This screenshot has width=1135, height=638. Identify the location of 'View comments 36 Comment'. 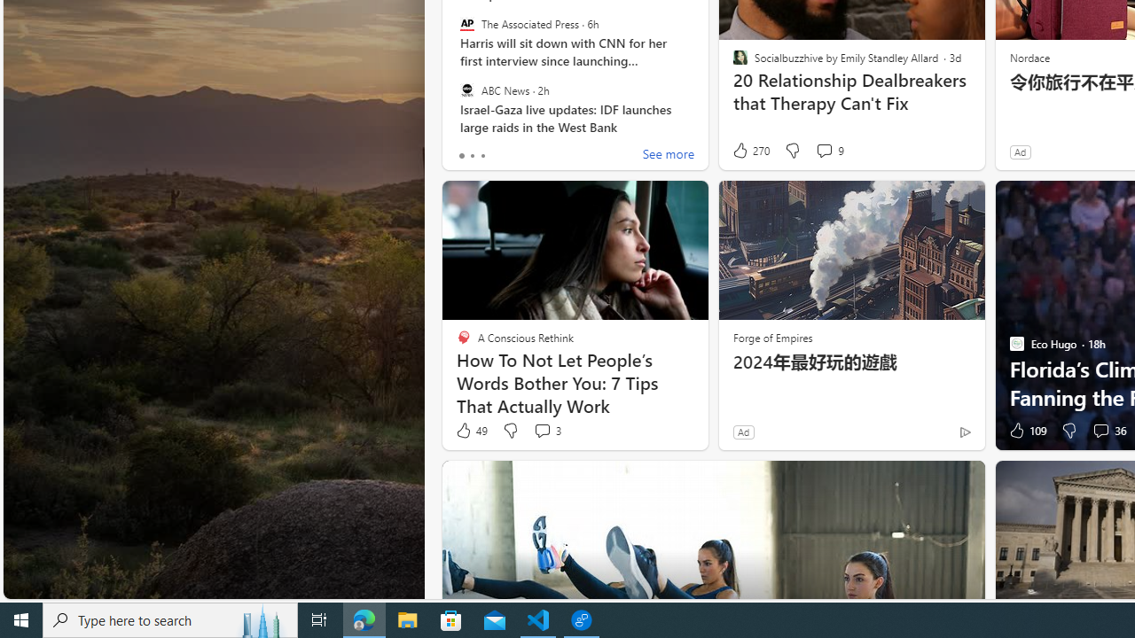
(1107, 431).